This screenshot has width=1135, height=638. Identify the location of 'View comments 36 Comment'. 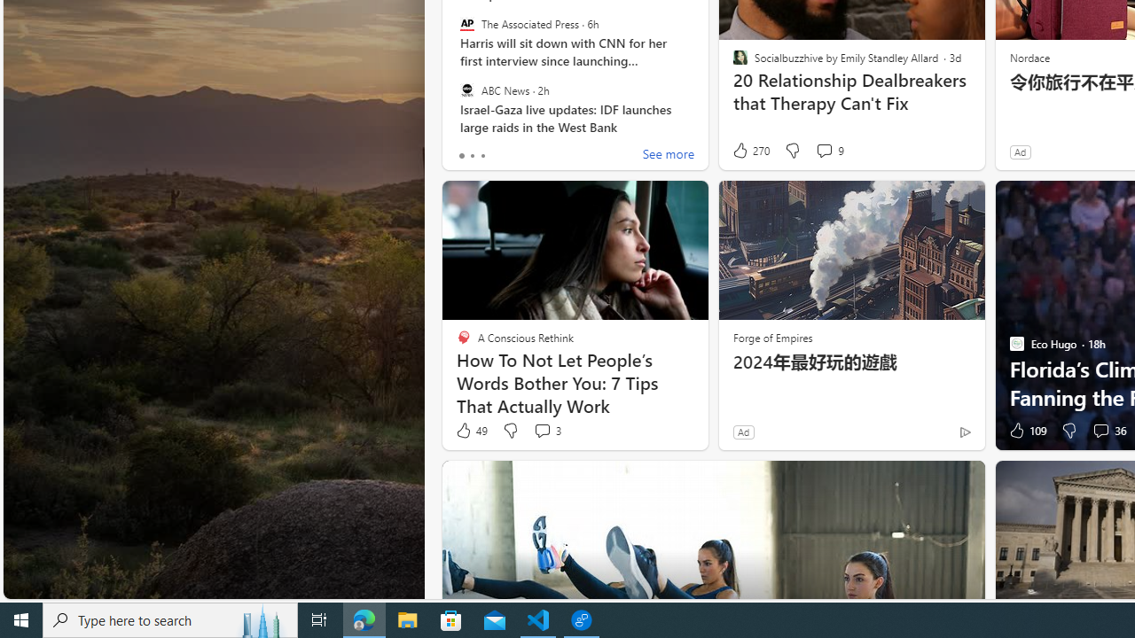
(1107, 431).